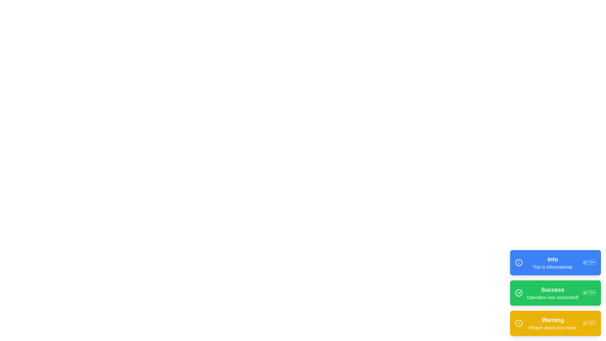  I want to click on the dismiss button located at the right edge of the notification box, so click(589, 263).